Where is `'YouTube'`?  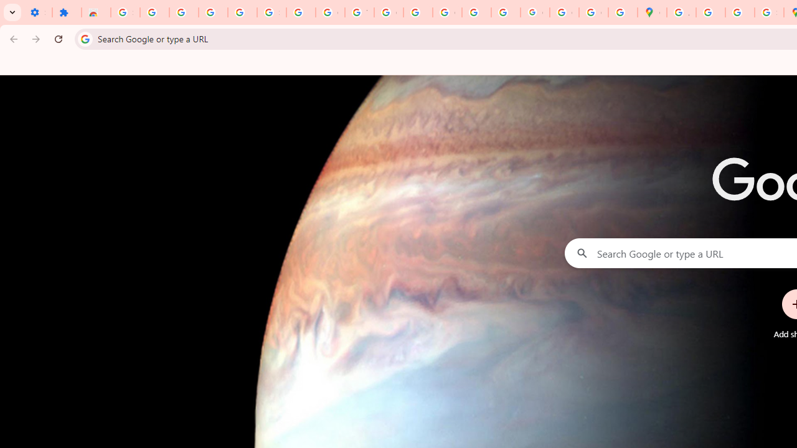
'YouTube' is located at coordinates (359, 12).